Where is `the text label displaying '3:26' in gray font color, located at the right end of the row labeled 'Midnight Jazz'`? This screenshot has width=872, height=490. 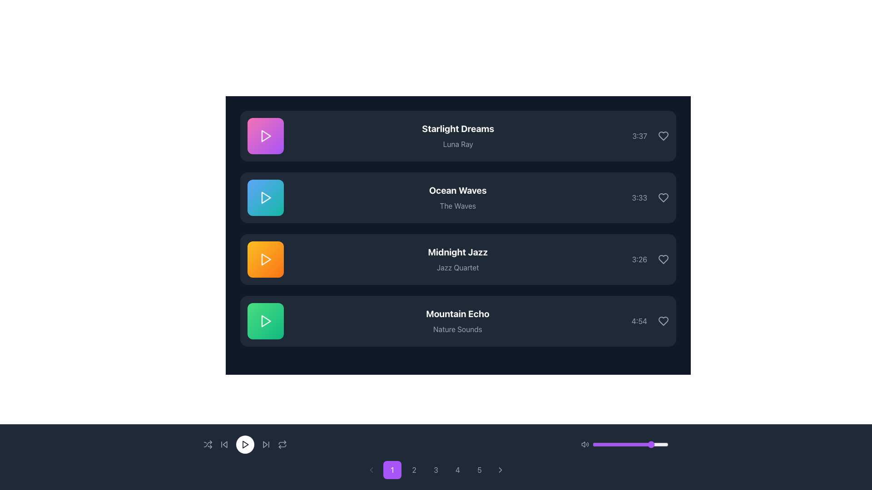 the text label displaying '3:26' in gray font color, located at the right end of the row labeled 'Midnight Jazz' is located at coordinates (639, 259).